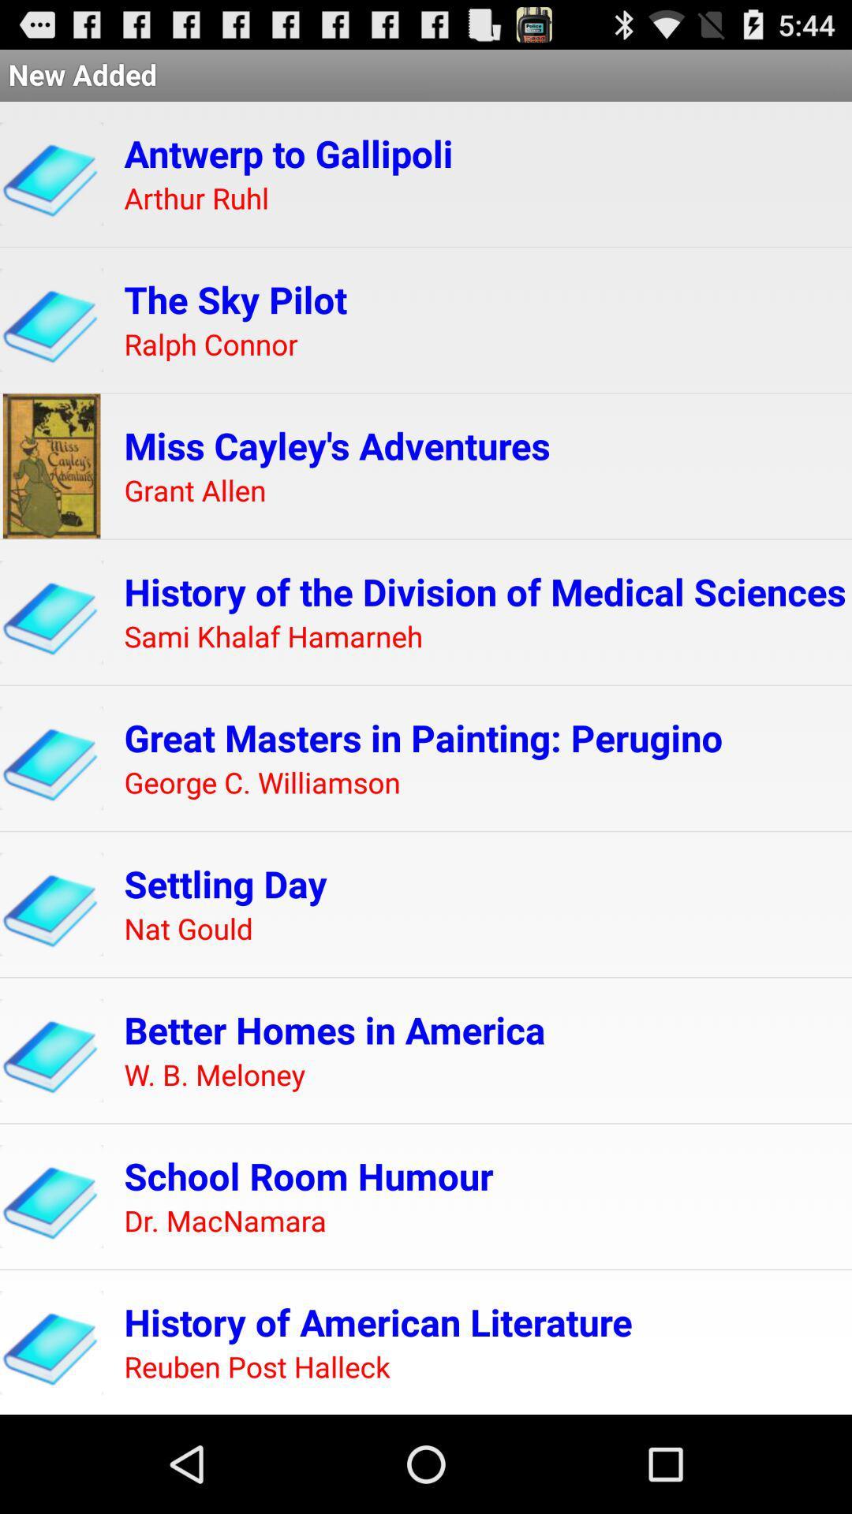  I want to click on the grant allen app, so click(194, 490).